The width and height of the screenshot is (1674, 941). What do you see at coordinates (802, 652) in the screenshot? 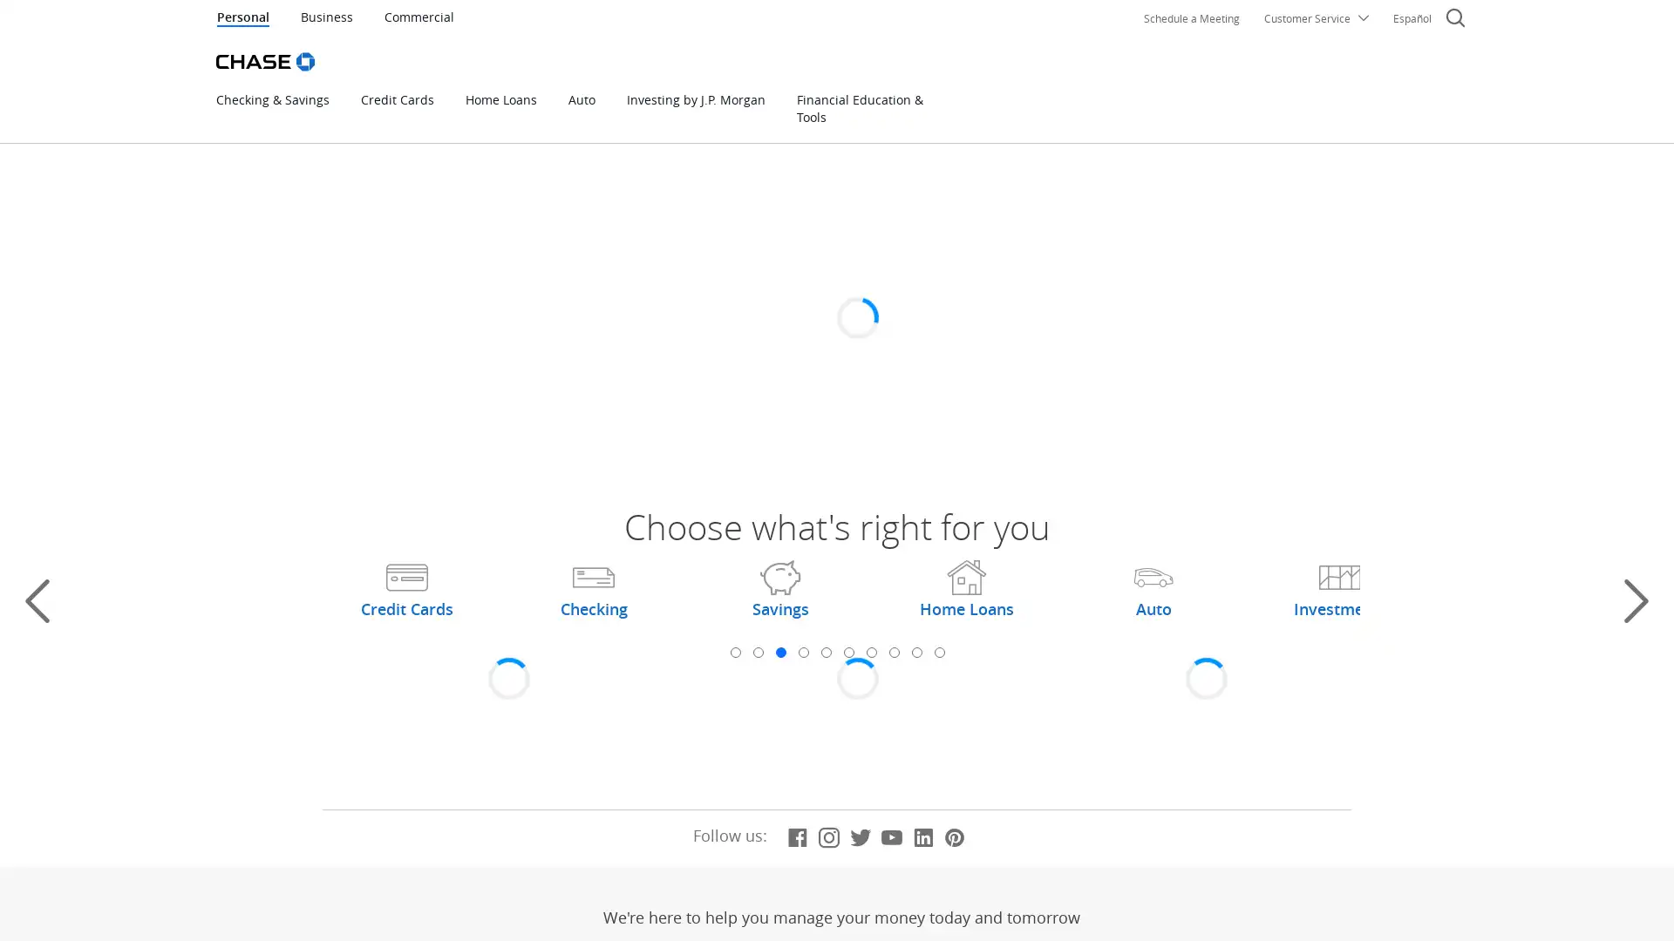
I see `Slide 4 of 10` at bounding box center [802, 652].